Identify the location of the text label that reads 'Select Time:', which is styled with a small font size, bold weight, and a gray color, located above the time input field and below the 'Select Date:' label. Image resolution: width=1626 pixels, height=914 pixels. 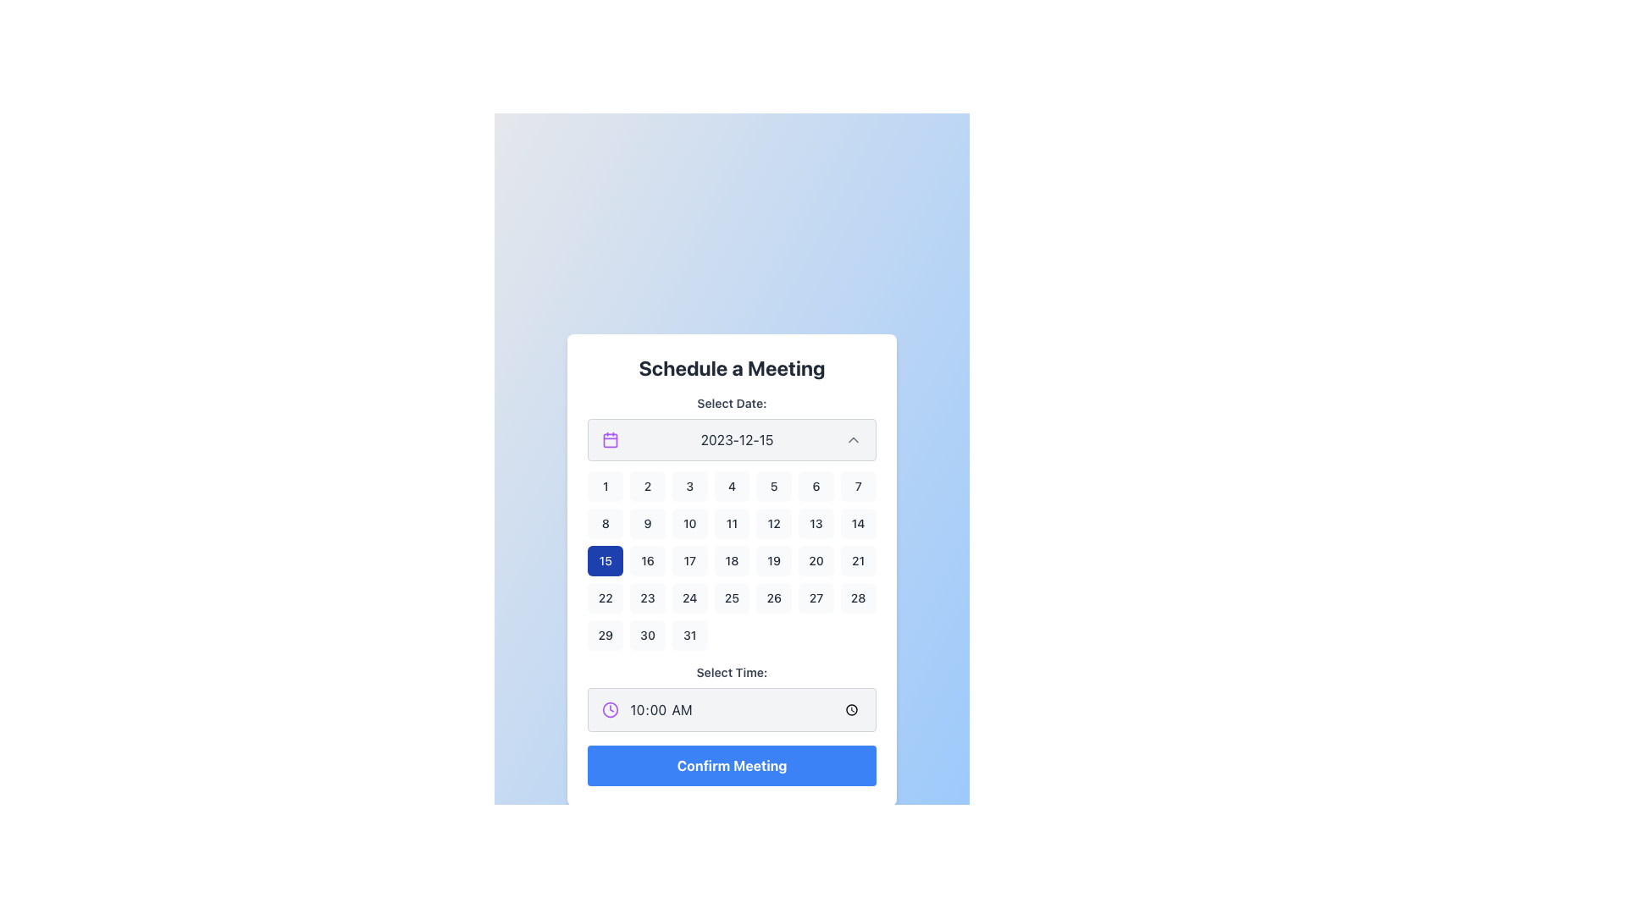
(732, 671).